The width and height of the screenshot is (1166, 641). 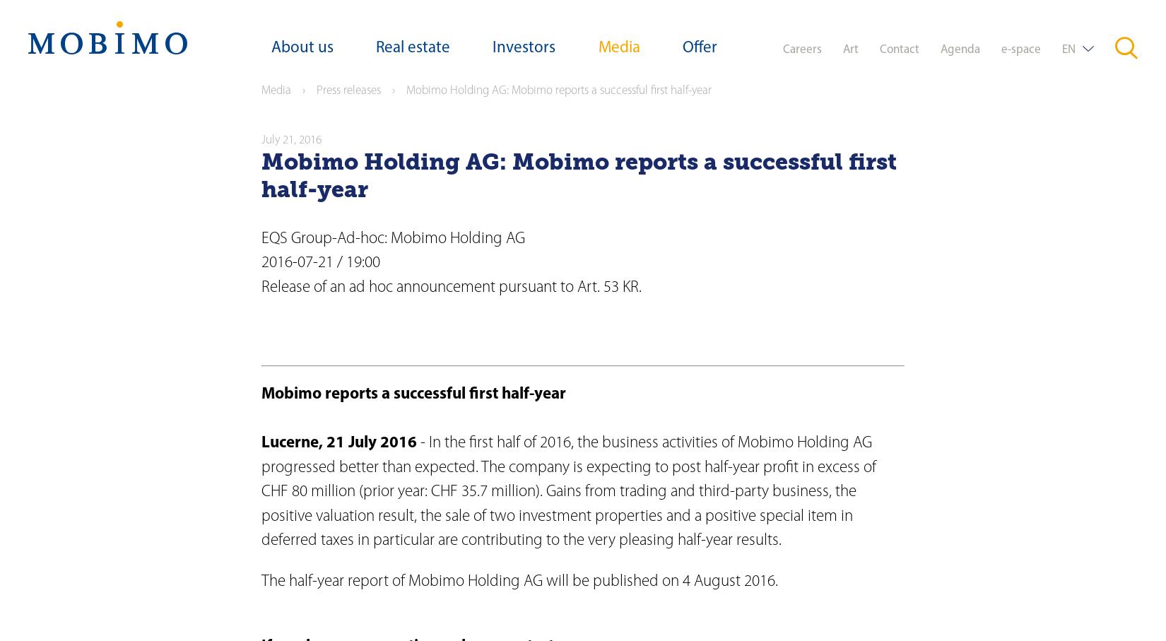 What do you see at coordinates (523, 48) in the screenshot?
I see `'Investors'` at bounding box center [523, 48].